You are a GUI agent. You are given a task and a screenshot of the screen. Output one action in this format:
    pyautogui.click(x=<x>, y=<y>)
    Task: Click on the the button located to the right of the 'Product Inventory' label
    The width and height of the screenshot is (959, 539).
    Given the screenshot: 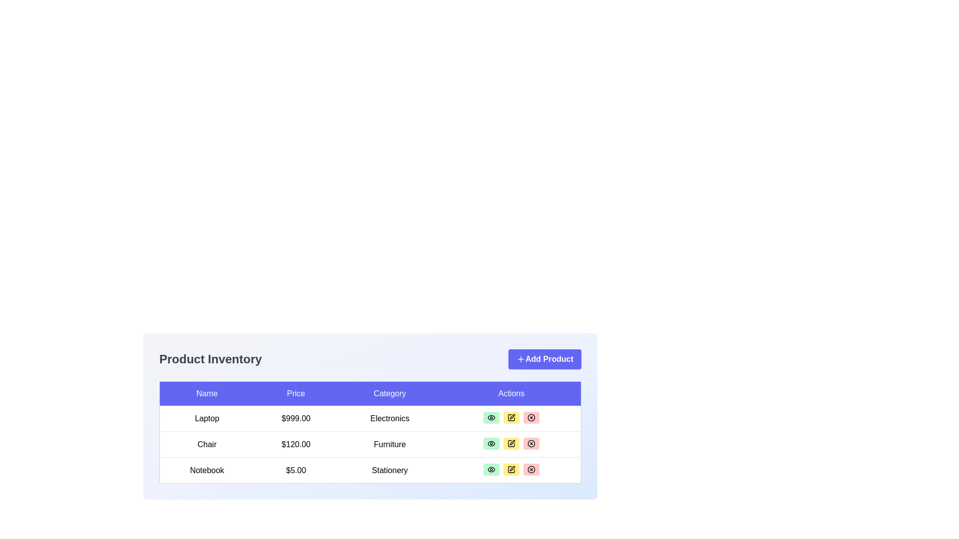 What is the action you would take?
    pyautogui.click(x=544, y=359)
    